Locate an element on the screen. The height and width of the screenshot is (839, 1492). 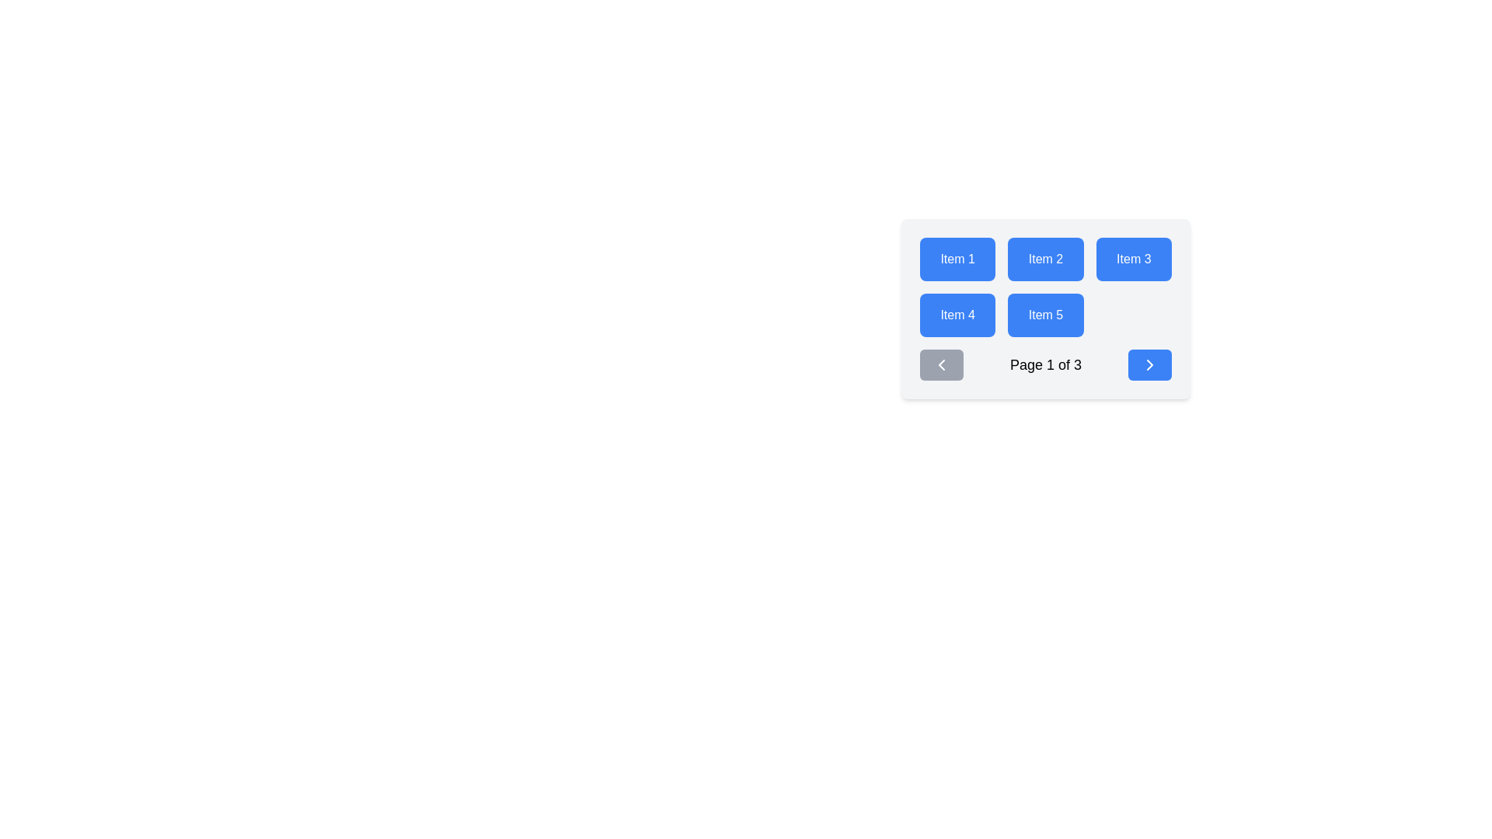
the navigation button to the right of 'Page 1 of 3' to observe the transition effect is located at coordinates (1149, 365).